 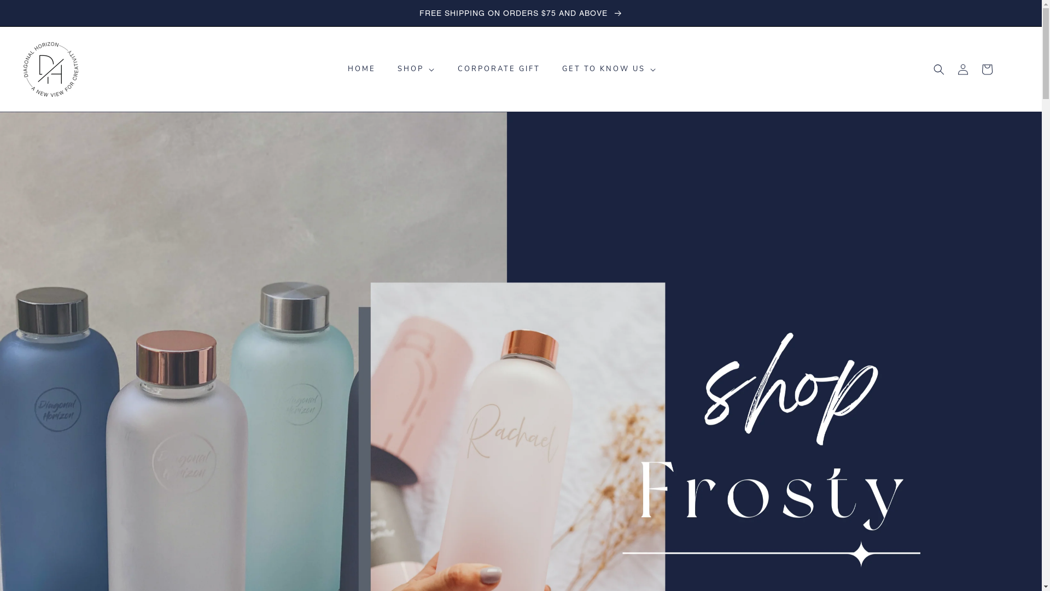 I want to click on 'FREE SHIPPING ON ORDERS $75 AND ABOVE', so click(x=520, y=13).